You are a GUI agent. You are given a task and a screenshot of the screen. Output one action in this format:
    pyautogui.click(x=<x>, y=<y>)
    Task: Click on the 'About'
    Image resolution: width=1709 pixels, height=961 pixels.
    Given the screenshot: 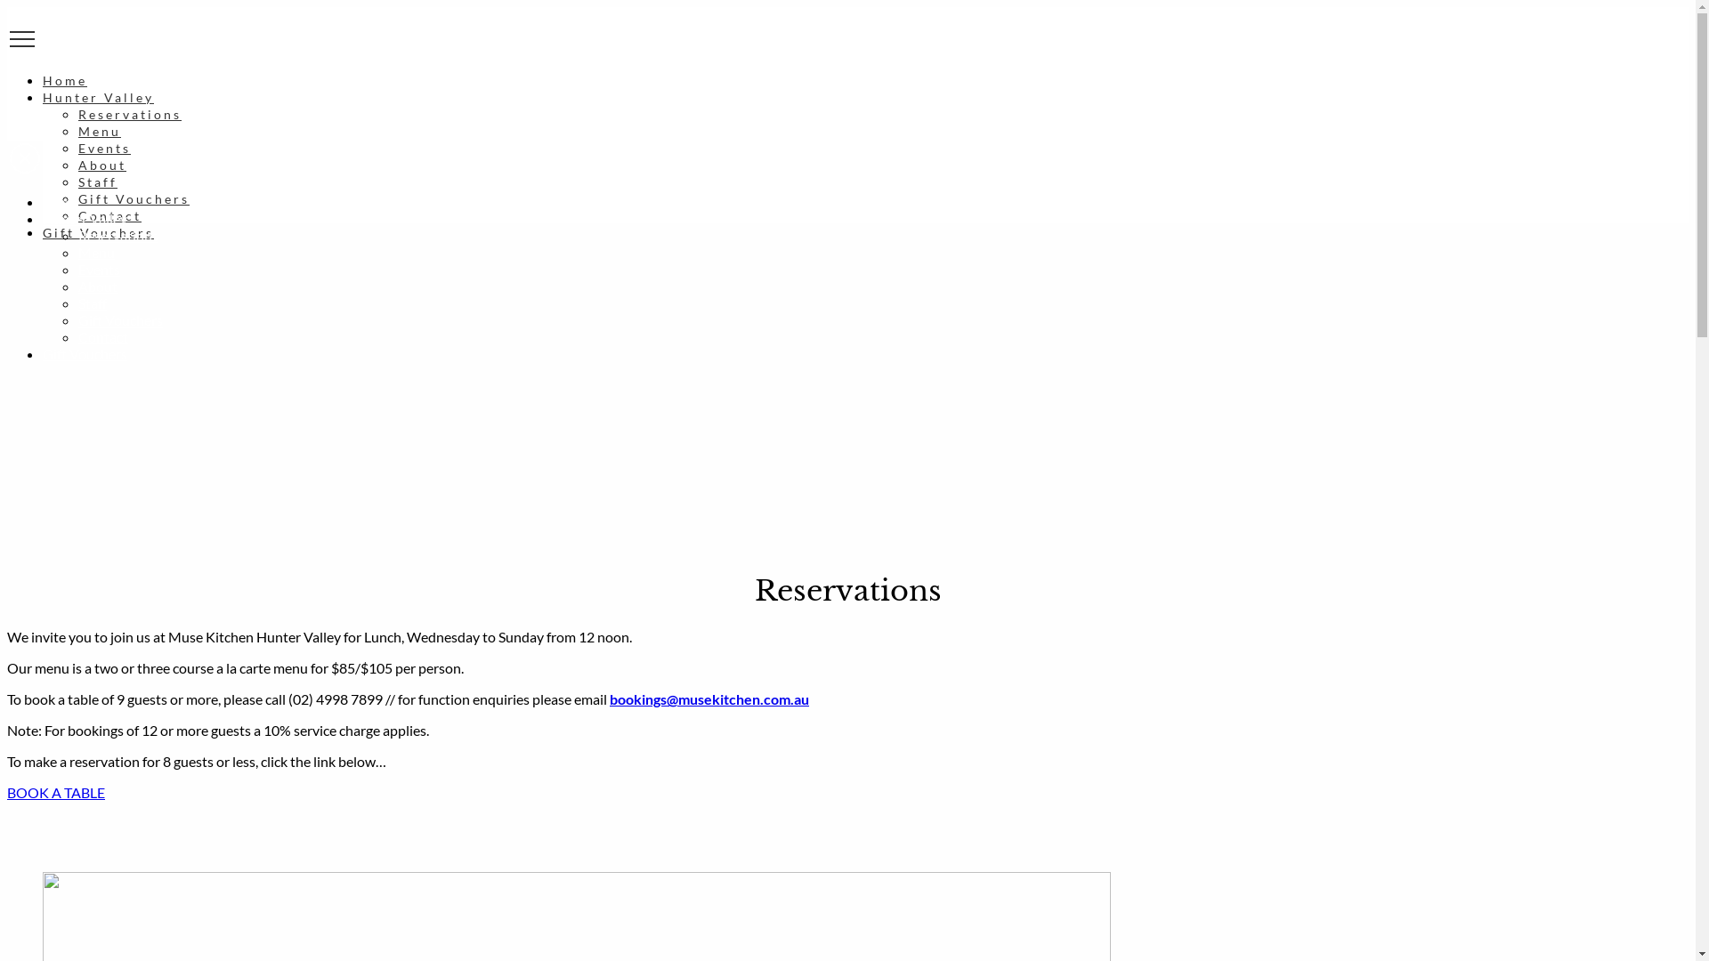 What is the action you would take?
    pyautogui.click(x=77, y=165)
    